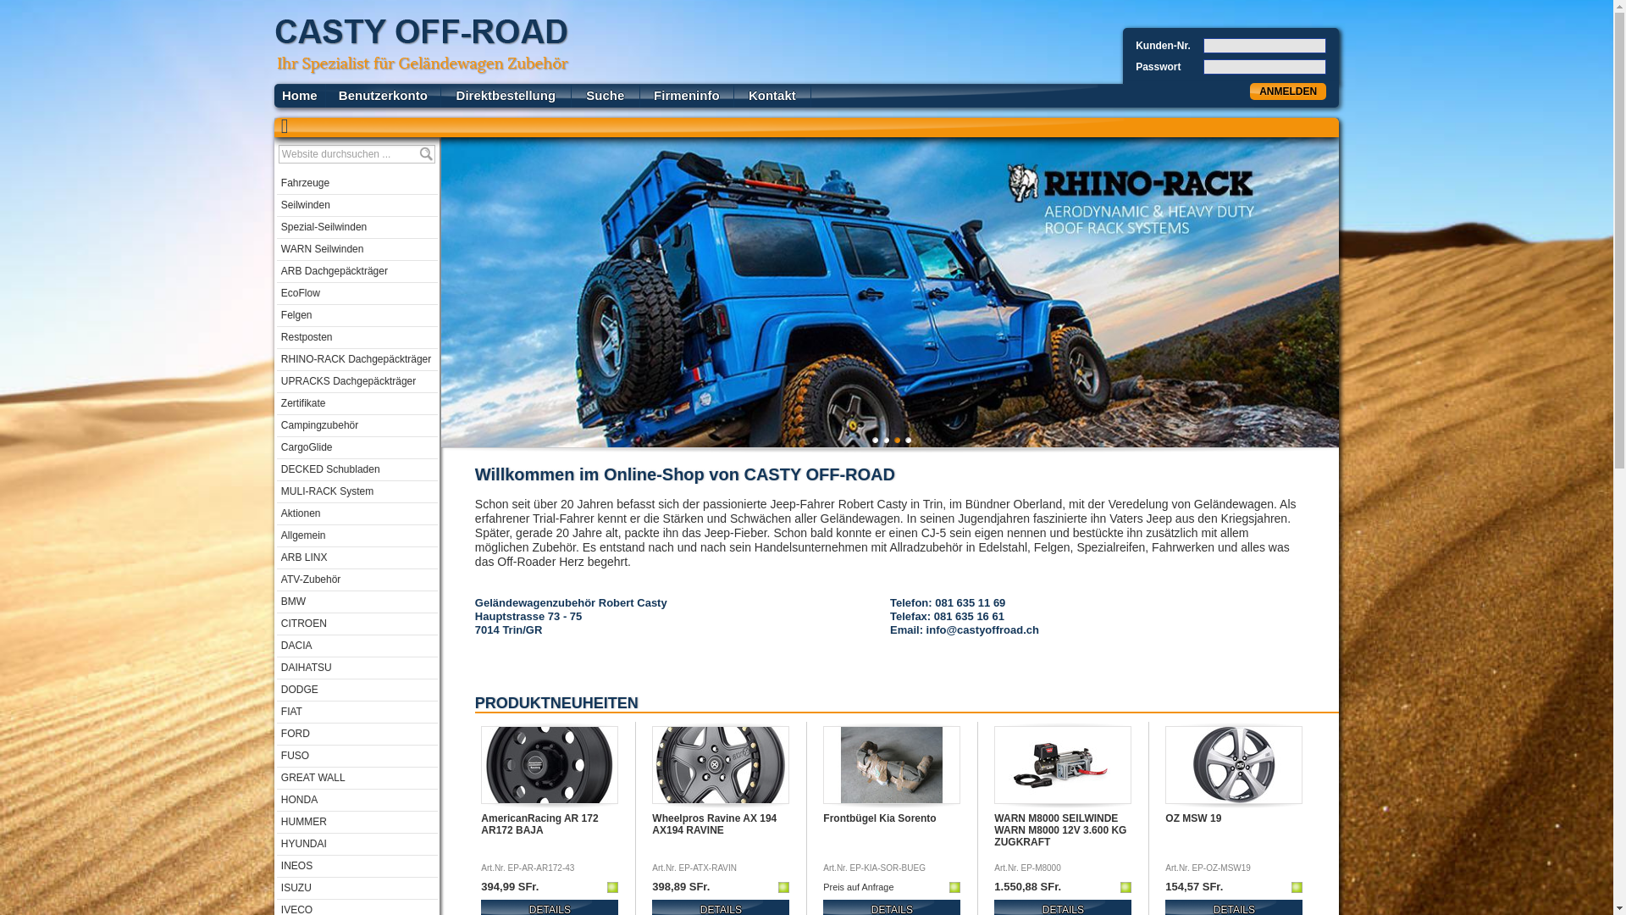  I want to click on 'ANMELDEN', so click(1287, 91).